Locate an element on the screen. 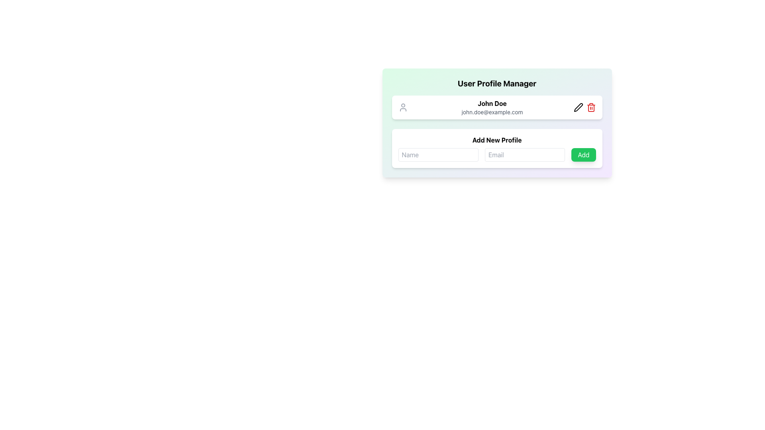 This screenshot has height=430, width=765. the middle component of the trash bin icon located in the profile management section, specifically positioned in the top-right corner of the user profile card is located at coordinates (591, 108).